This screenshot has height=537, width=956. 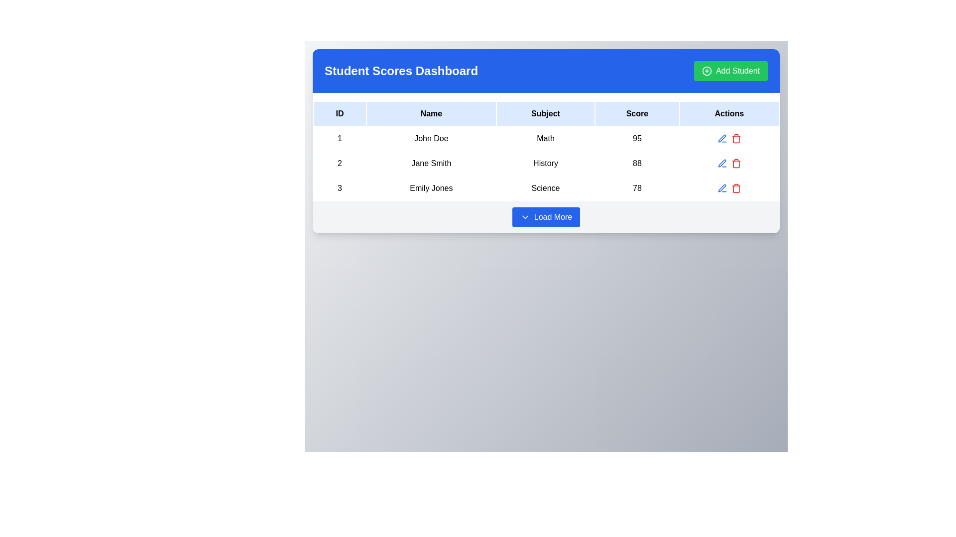 I want to click on the delete button in the action column of the table for the entry corresponding to Emily Jones, so click(x=736, y=188).